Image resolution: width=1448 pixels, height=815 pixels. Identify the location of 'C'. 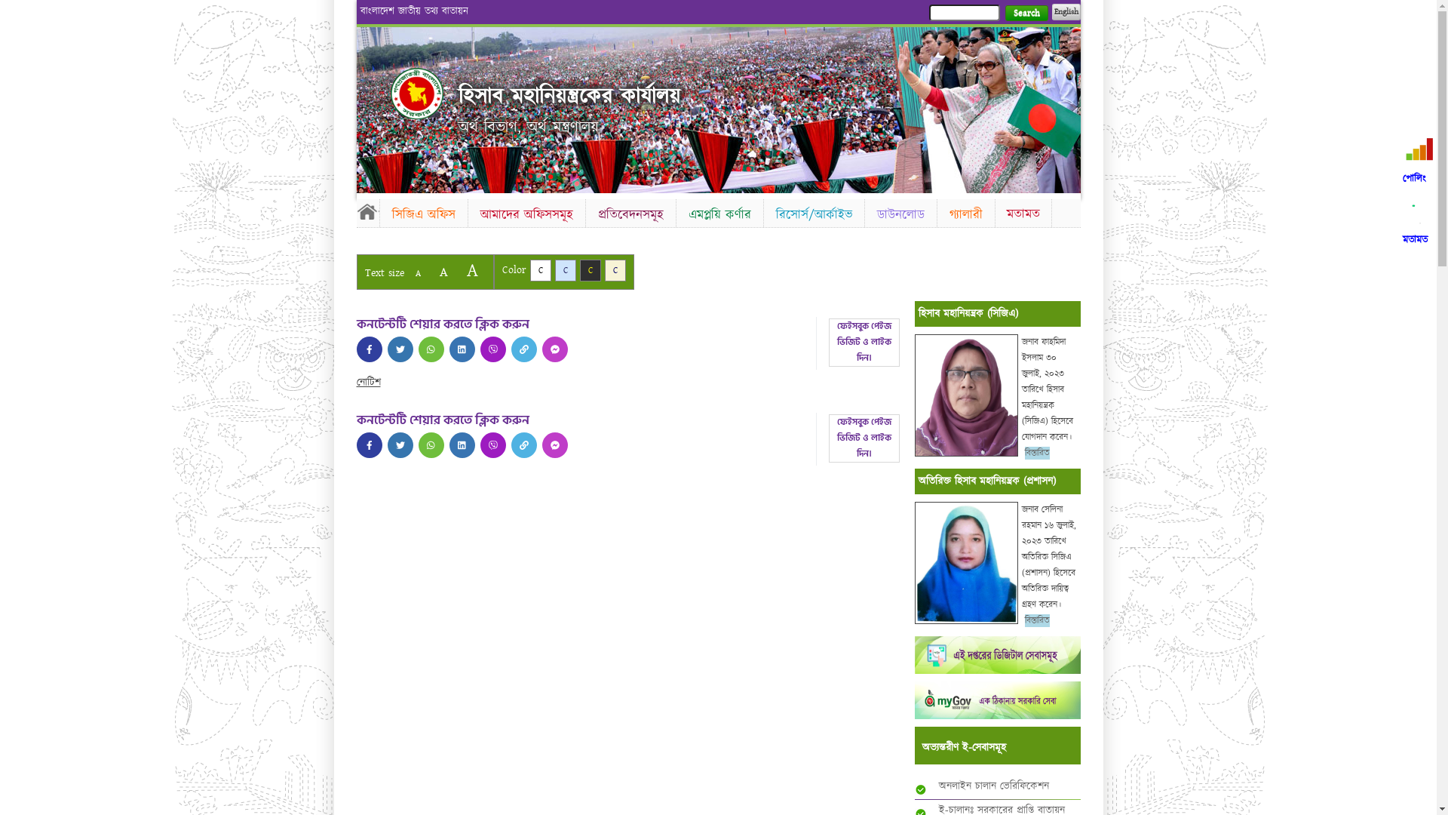
(615, 269).